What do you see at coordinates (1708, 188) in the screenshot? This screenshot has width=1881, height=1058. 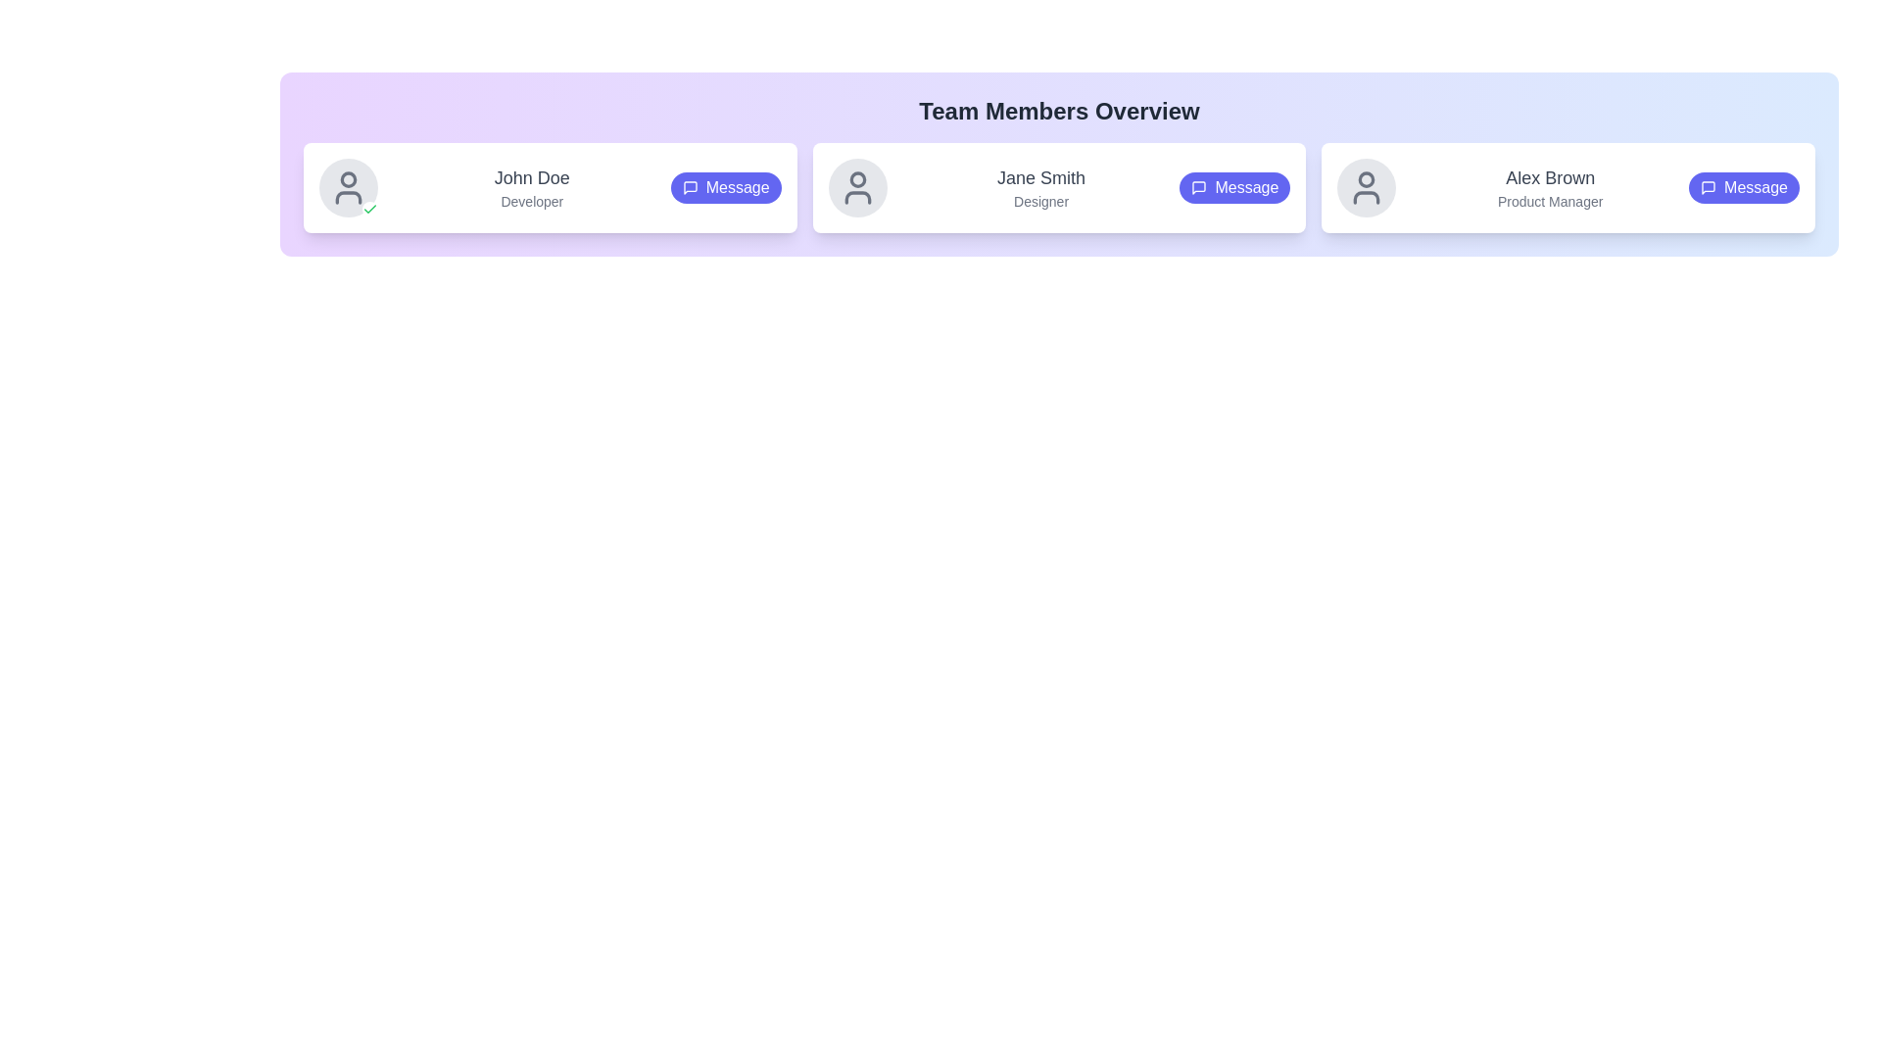 I see `the decorative icon within the 'Message' button for 'Alex Brown', located at the top-right of the interface` at bounding box center [1708, 188].